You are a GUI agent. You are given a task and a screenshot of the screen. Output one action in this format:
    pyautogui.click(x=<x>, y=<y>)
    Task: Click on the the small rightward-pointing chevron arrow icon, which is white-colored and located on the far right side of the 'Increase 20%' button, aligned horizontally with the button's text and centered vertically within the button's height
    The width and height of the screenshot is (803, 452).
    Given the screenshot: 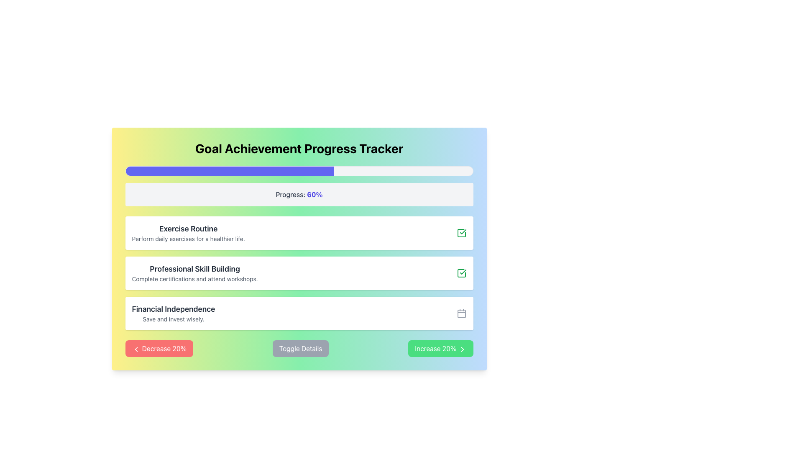 What is the action you would take?
    pyautogui.click(x=462, y=349)
    